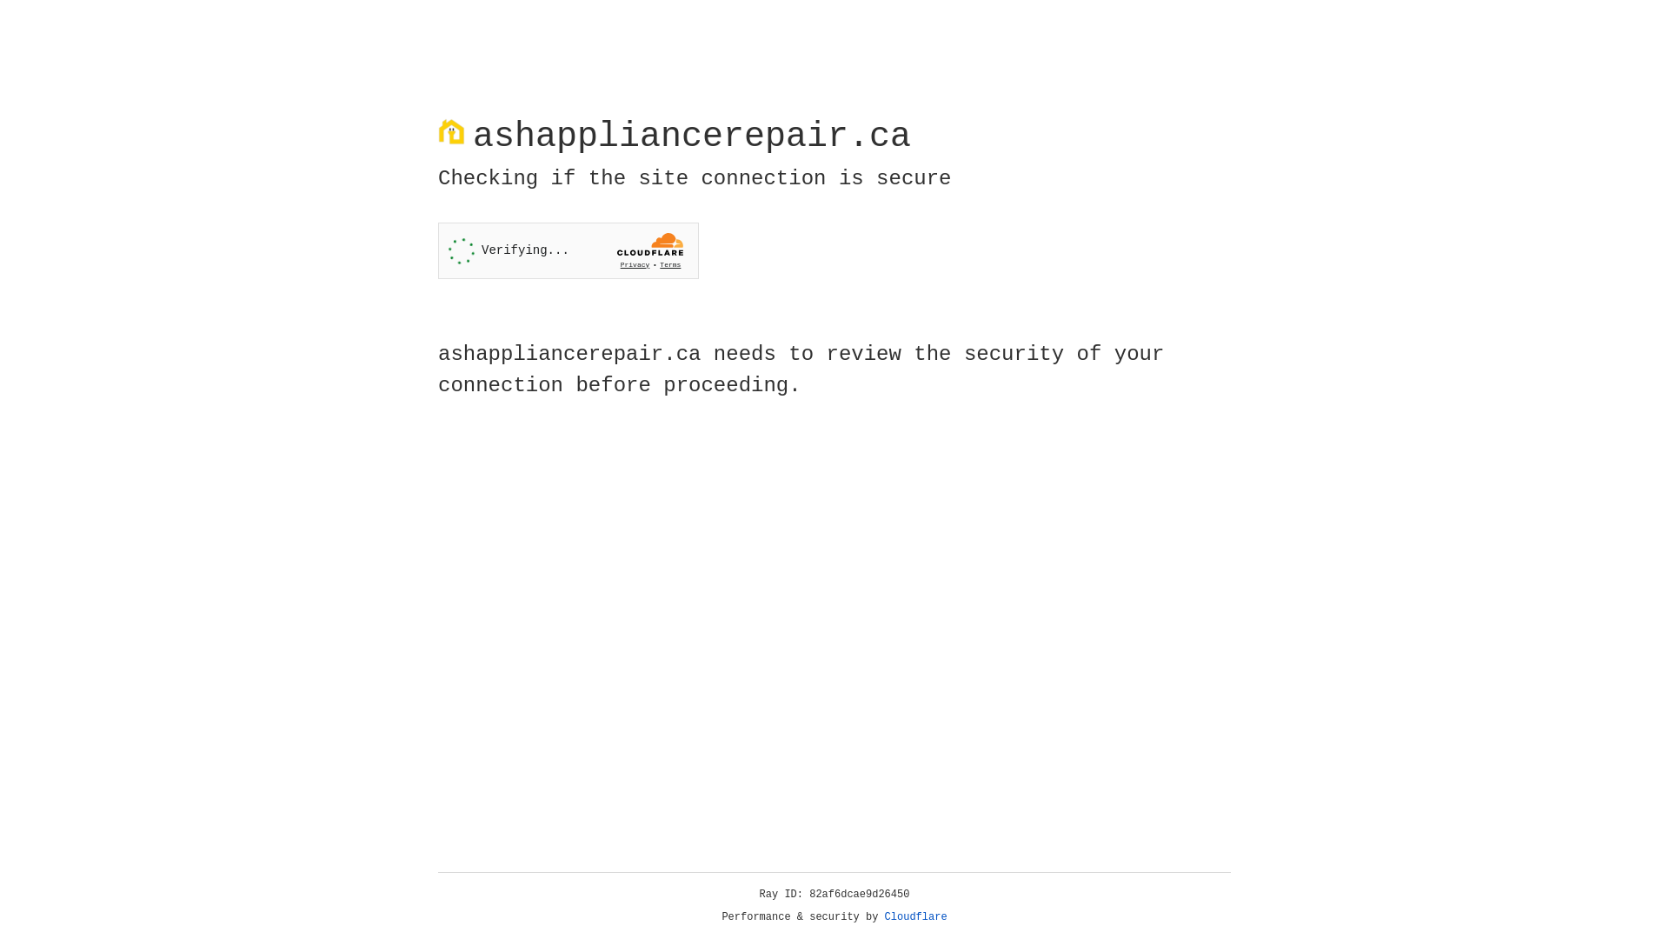 Image resolution: width=1669 pixels, height=939 pixels. I want to click on 'Widget containing a Cloudflare security challenge', so click(568, 250).